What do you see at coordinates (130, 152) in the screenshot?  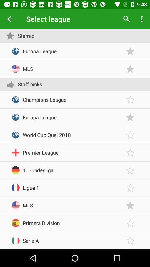 I see `would favorite permier league` at bounding box center [130, 152].